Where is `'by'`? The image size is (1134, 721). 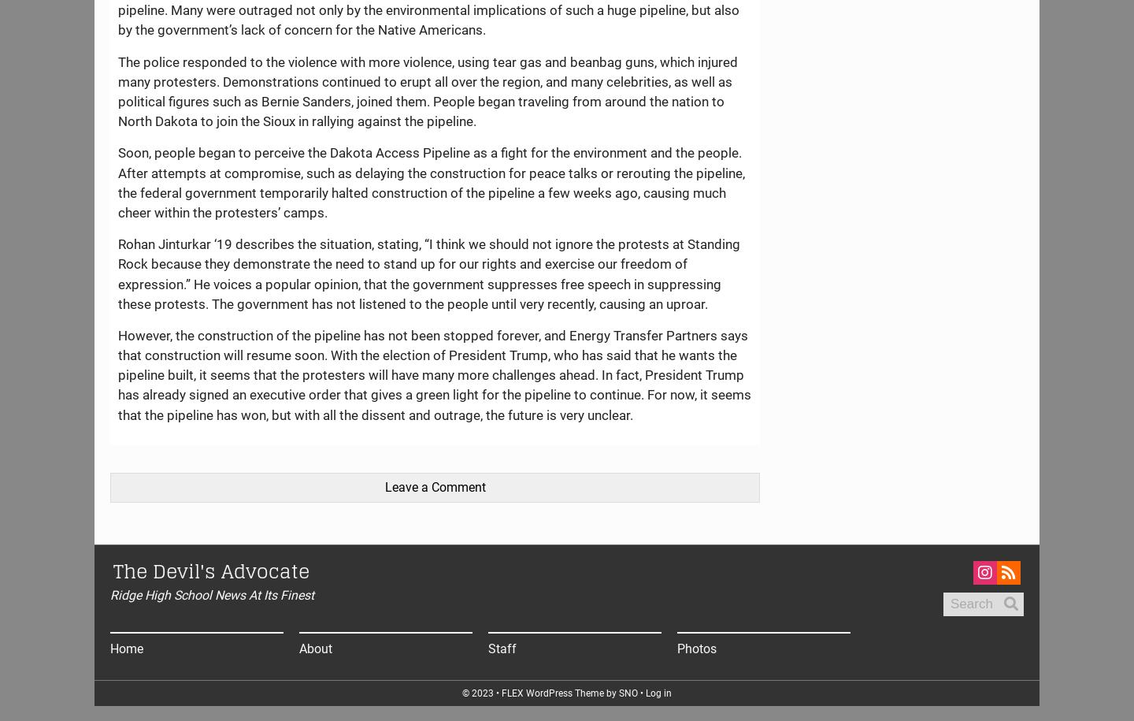
'by' is located at coordinates (610, 692).